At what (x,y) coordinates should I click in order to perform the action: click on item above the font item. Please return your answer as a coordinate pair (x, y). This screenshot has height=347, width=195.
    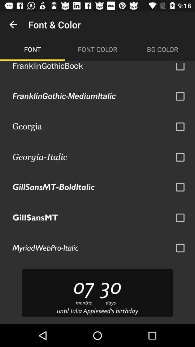
    Looking at the image, I should click on (13, 25).